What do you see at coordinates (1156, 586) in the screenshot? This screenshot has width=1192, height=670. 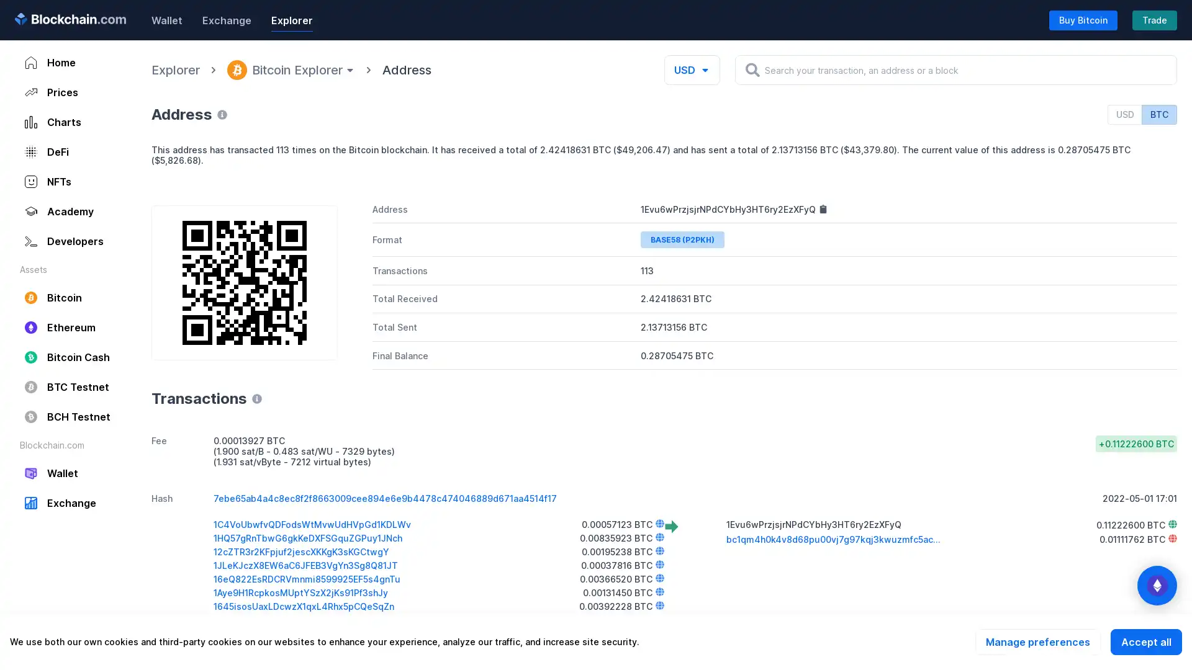 I see `alternating coins` at bounding box center [1156, 586].